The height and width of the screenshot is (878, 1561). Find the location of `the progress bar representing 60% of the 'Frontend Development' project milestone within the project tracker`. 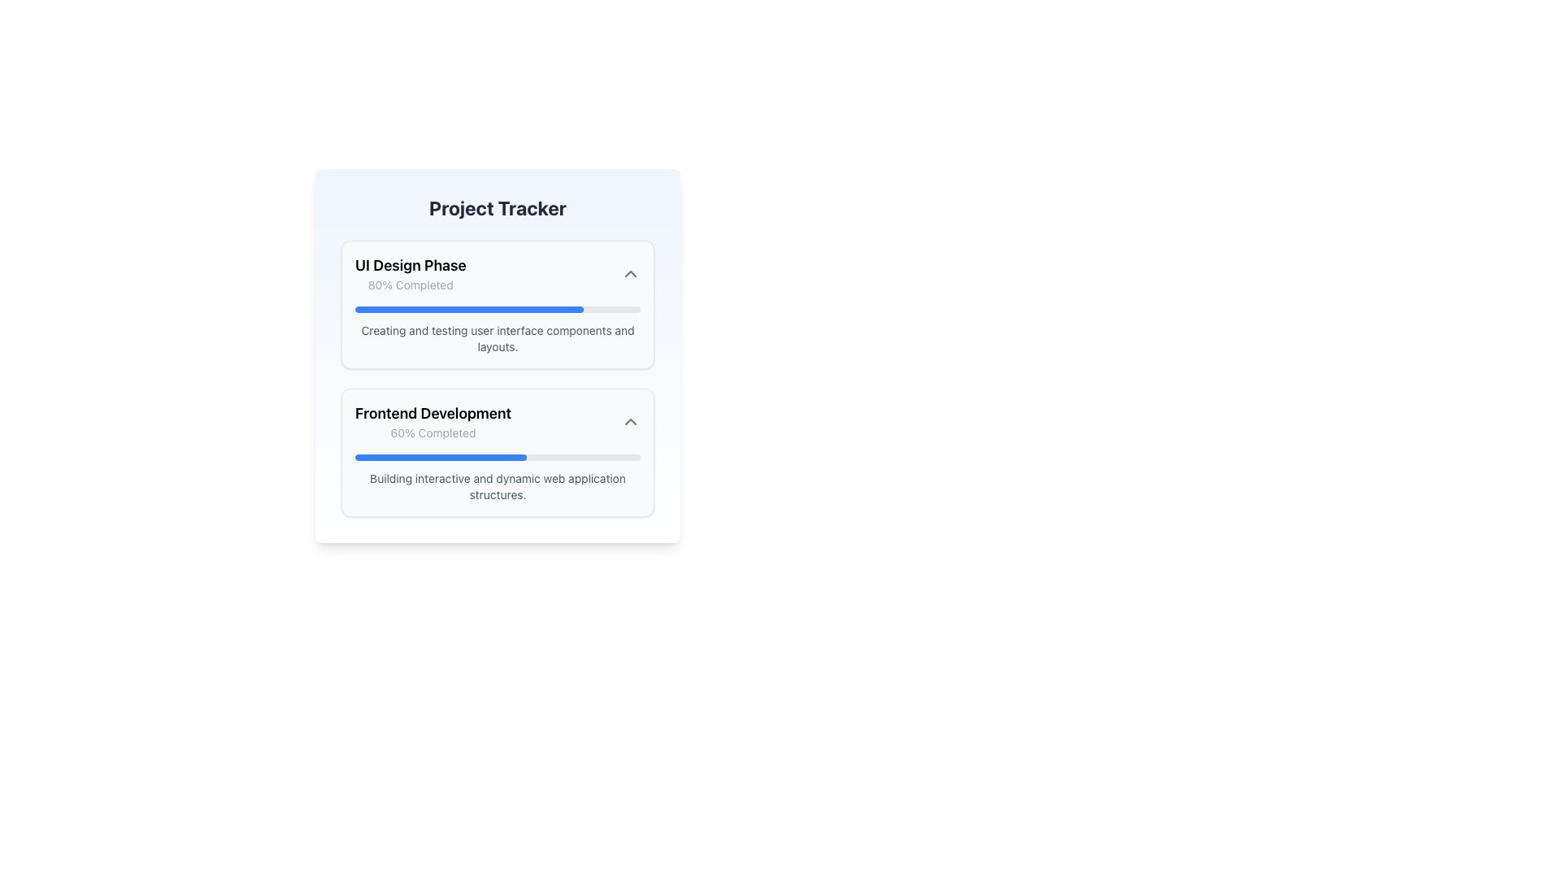

the progress bar representing 60% of the 'Frontend Development' project milestone within the project tracker is located at coordinates (441, 458).